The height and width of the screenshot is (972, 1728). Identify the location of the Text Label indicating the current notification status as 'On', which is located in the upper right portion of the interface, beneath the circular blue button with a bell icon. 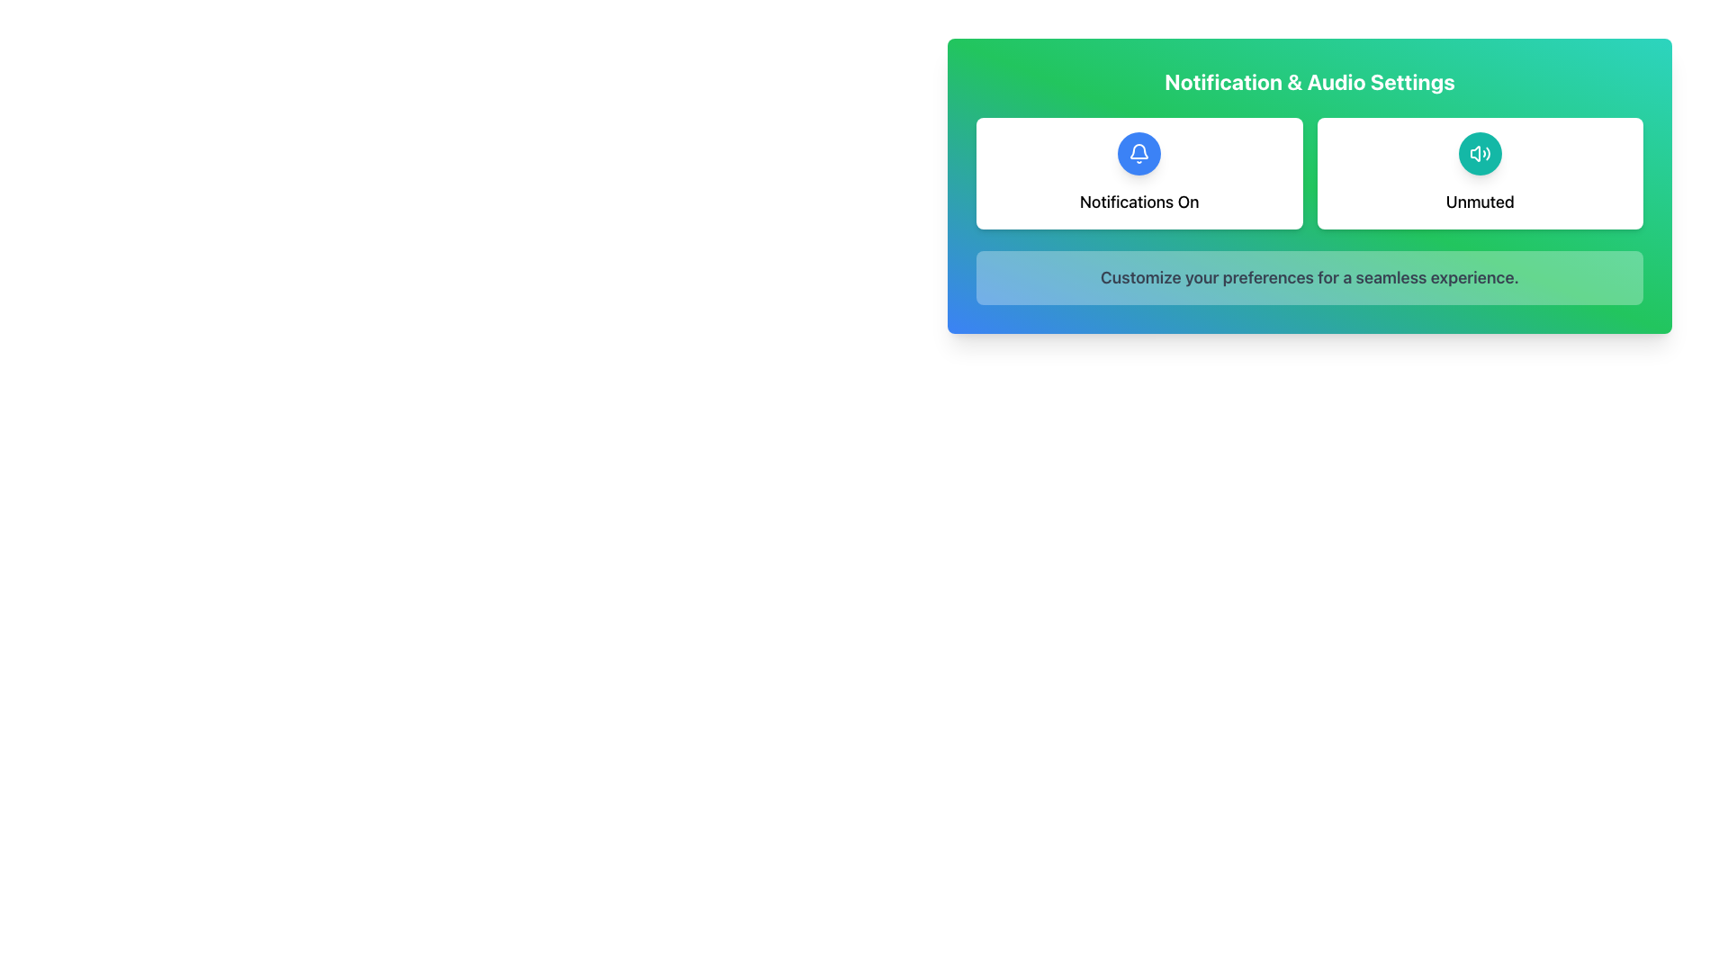
(1138, 202).